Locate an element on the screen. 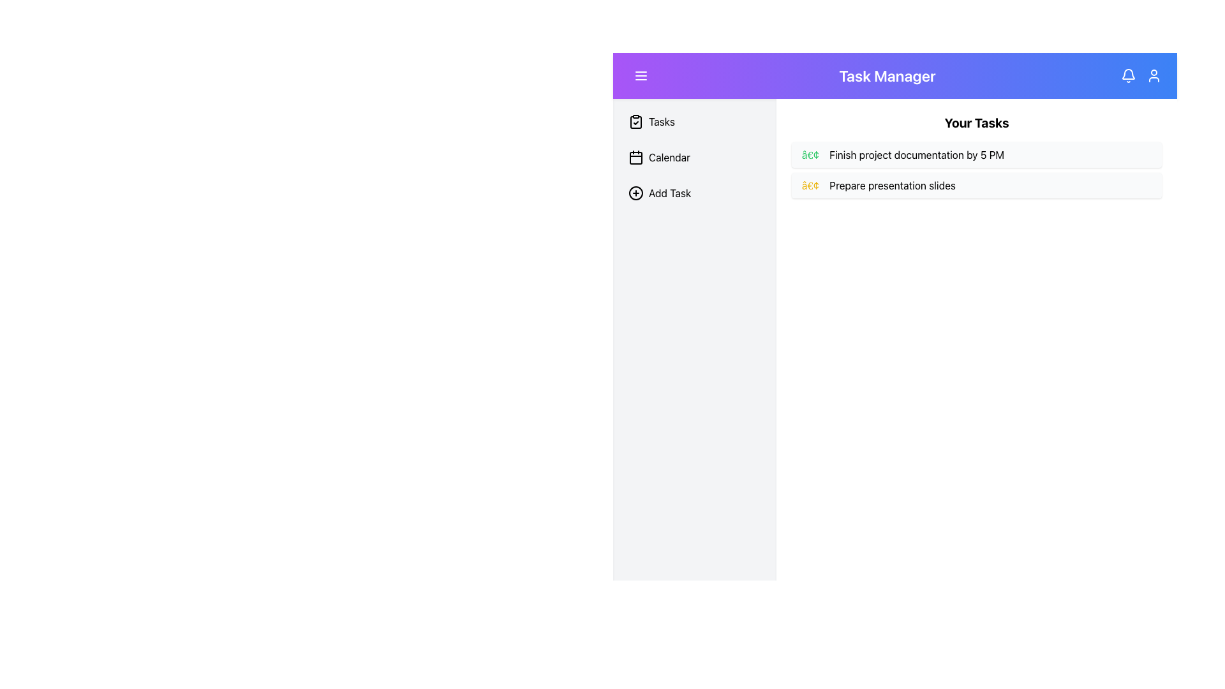  the task management icon located at the top of the vertical navigation menu, next to the 'Tasks' label is located at coordinates (636, 122).